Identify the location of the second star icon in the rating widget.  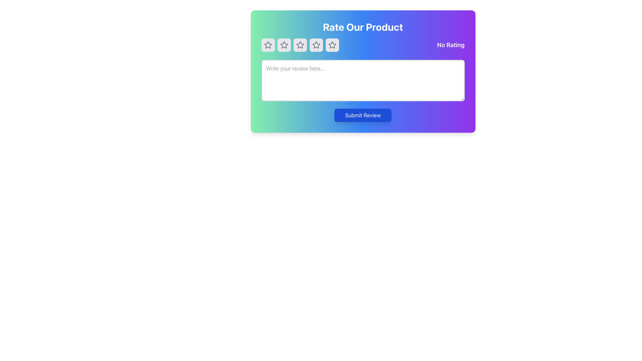
(300, 45).